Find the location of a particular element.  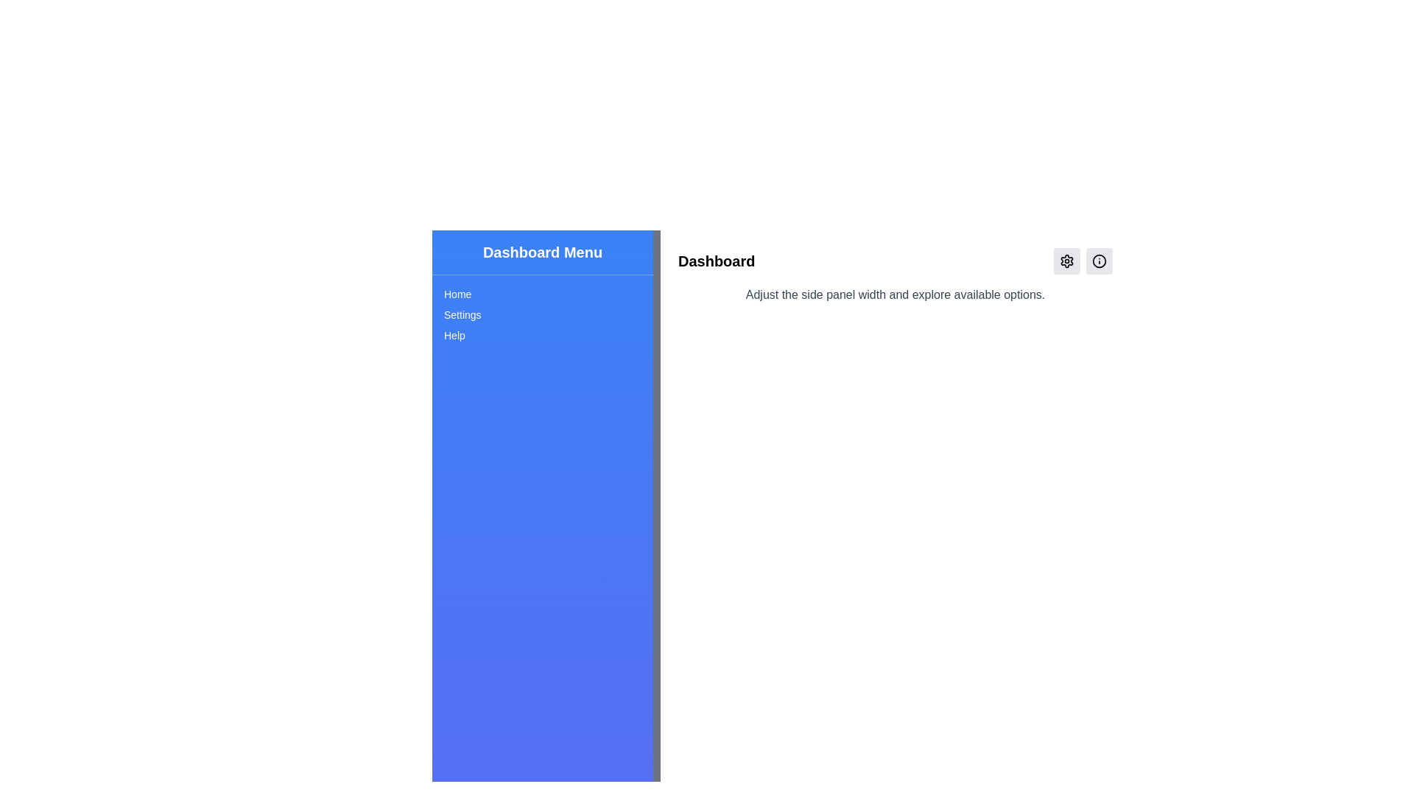

the information icon located to the right of the settings icon in the top-right section of the interface is located at coordinates (1099, 260).